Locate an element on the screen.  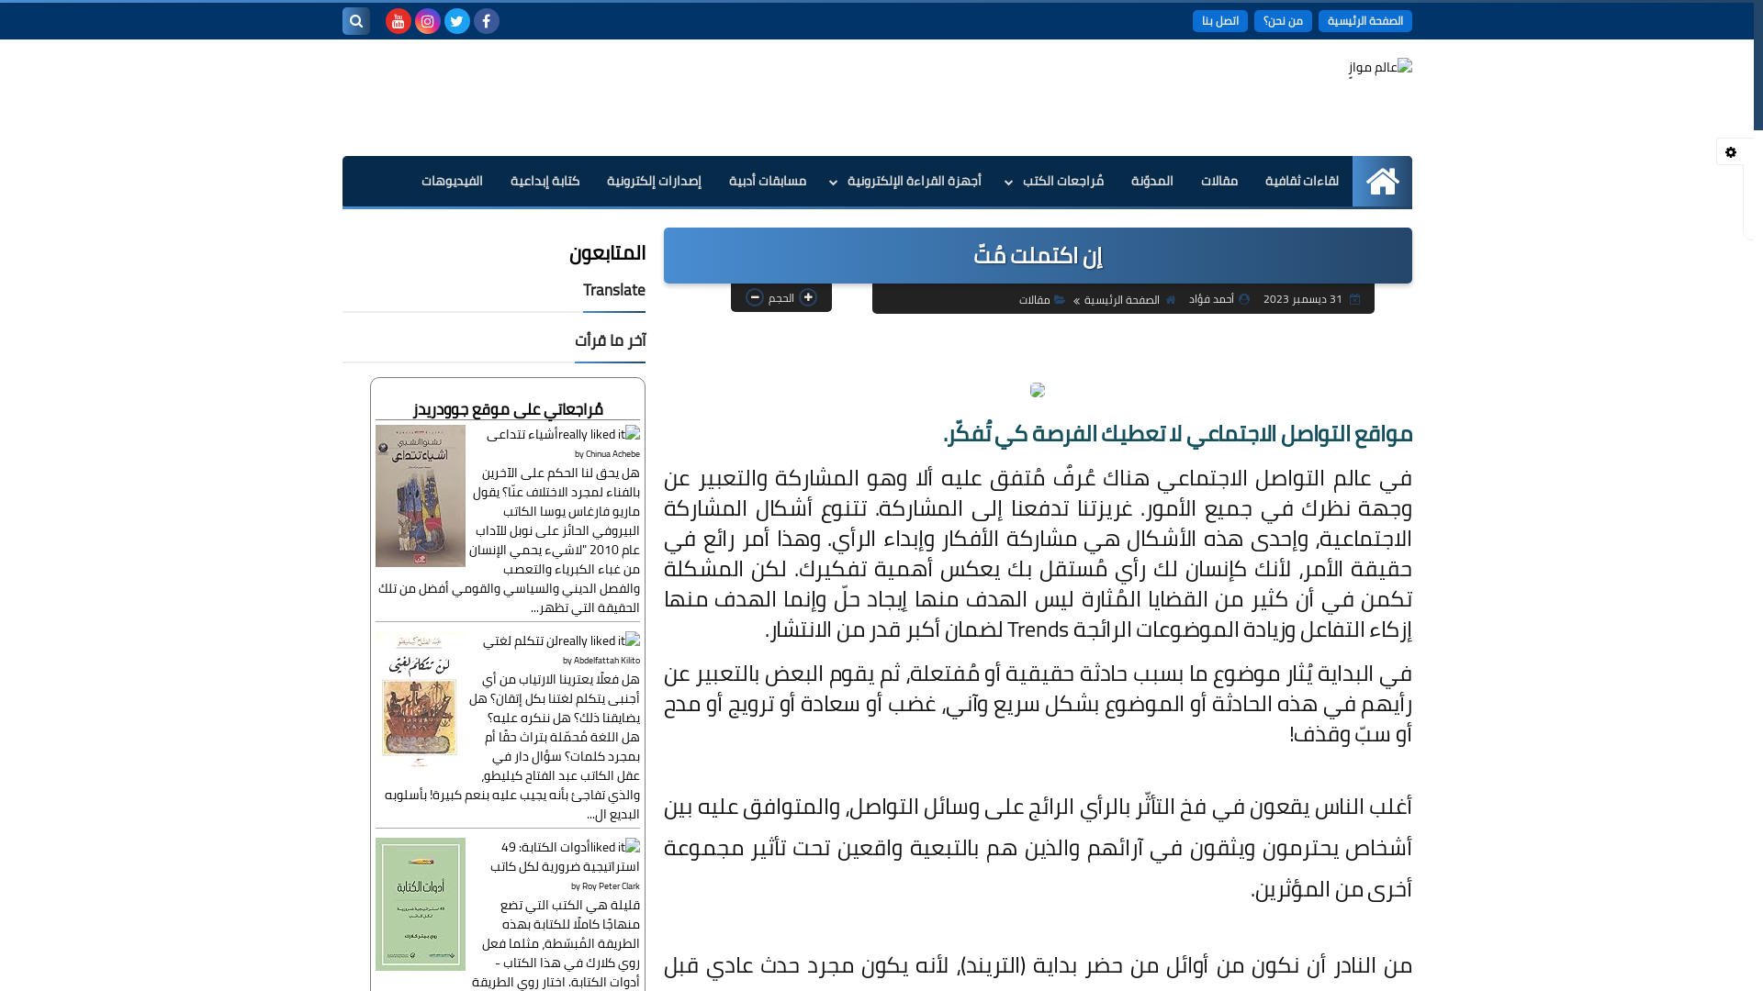
'youtube' is located at coordinates (385, 21).